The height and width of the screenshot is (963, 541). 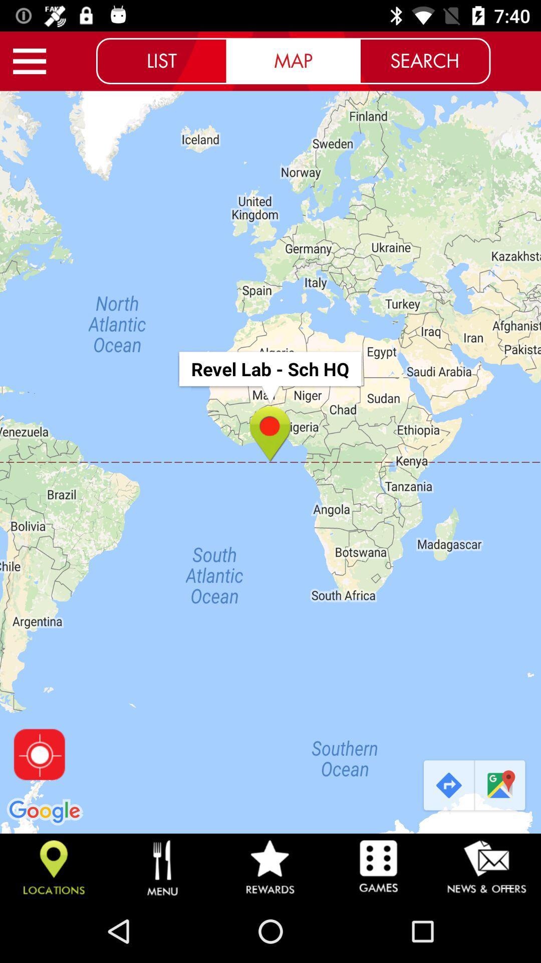 I want to click on the list icon, so click(x=161, y=60).